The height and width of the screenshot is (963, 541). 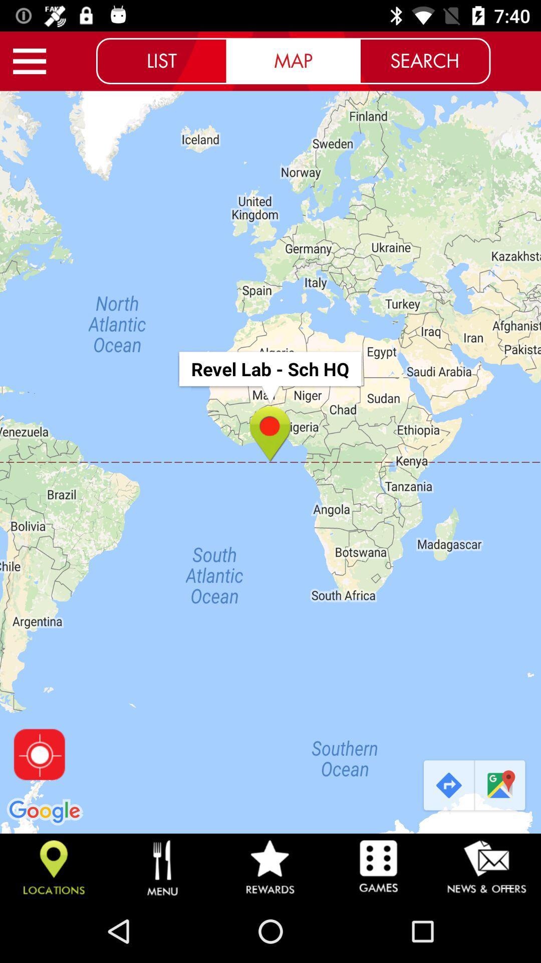 I want to click on the list icon, so click(x=161, y=60).